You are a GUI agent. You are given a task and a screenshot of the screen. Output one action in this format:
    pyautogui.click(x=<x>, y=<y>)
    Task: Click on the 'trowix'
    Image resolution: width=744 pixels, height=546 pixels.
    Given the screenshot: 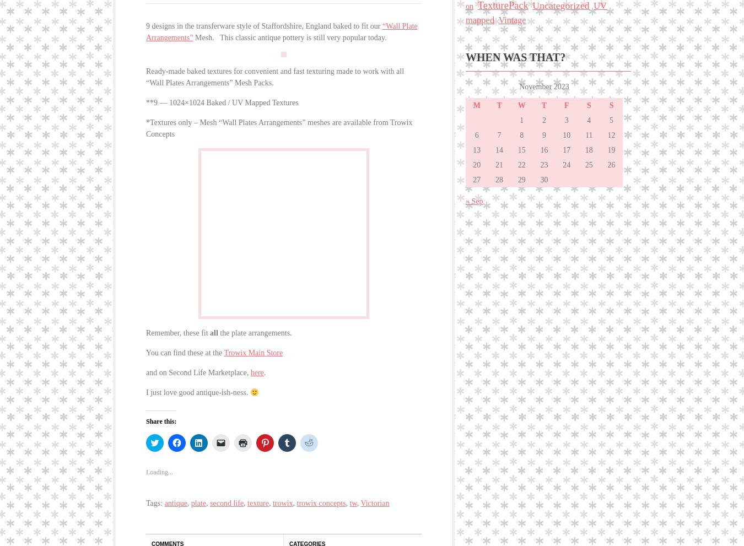 What is the action you would take?
    pyautogui.click(x=282, y=496)
    